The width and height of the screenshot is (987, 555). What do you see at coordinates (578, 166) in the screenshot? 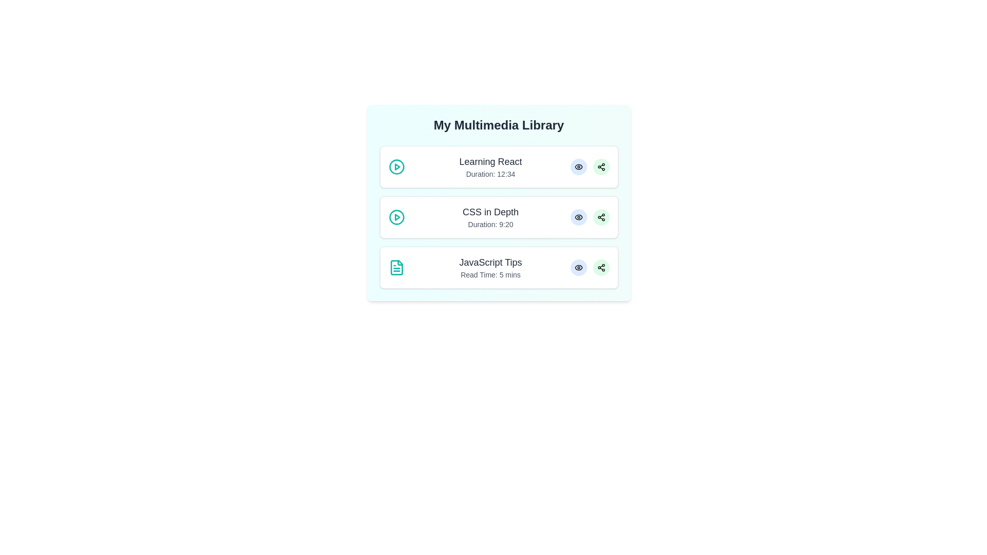
I see `'Preview' button for the media item titled 'Learning React'` at bounding box center [578, 166].